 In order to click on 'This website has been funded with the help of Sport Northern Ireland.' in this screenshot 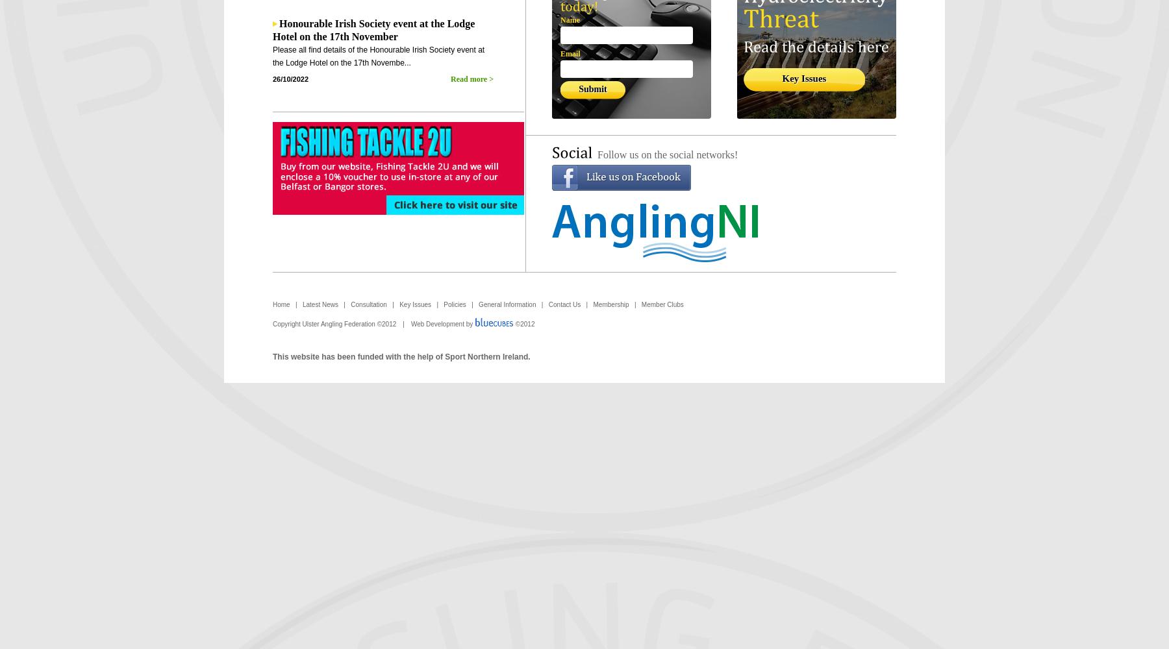, I will do `click(401, 357)`.